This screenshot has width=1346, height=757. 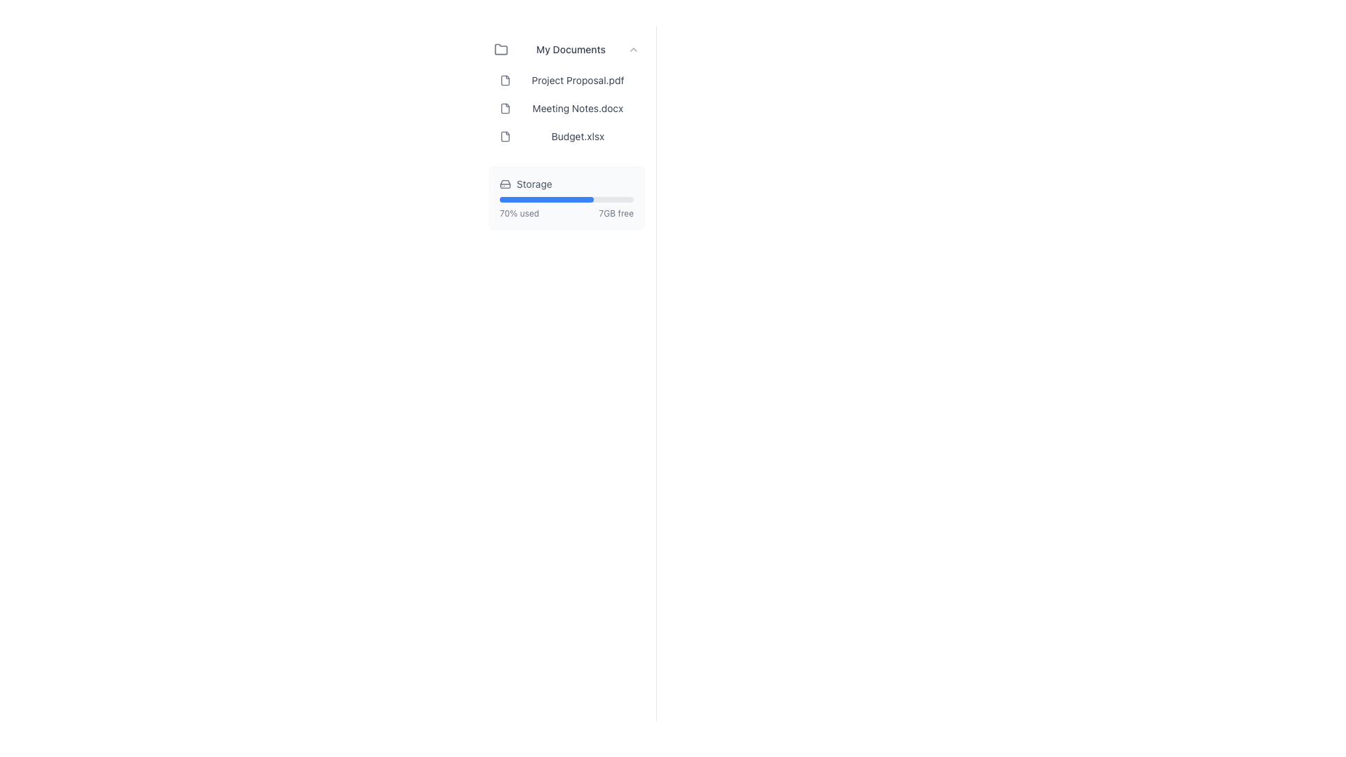 What do you see at coordinates (505, 183) in the screenshot?
I see `the hard drive icon located to the left of the 'Storage' label` at bounding box center [505, 183].